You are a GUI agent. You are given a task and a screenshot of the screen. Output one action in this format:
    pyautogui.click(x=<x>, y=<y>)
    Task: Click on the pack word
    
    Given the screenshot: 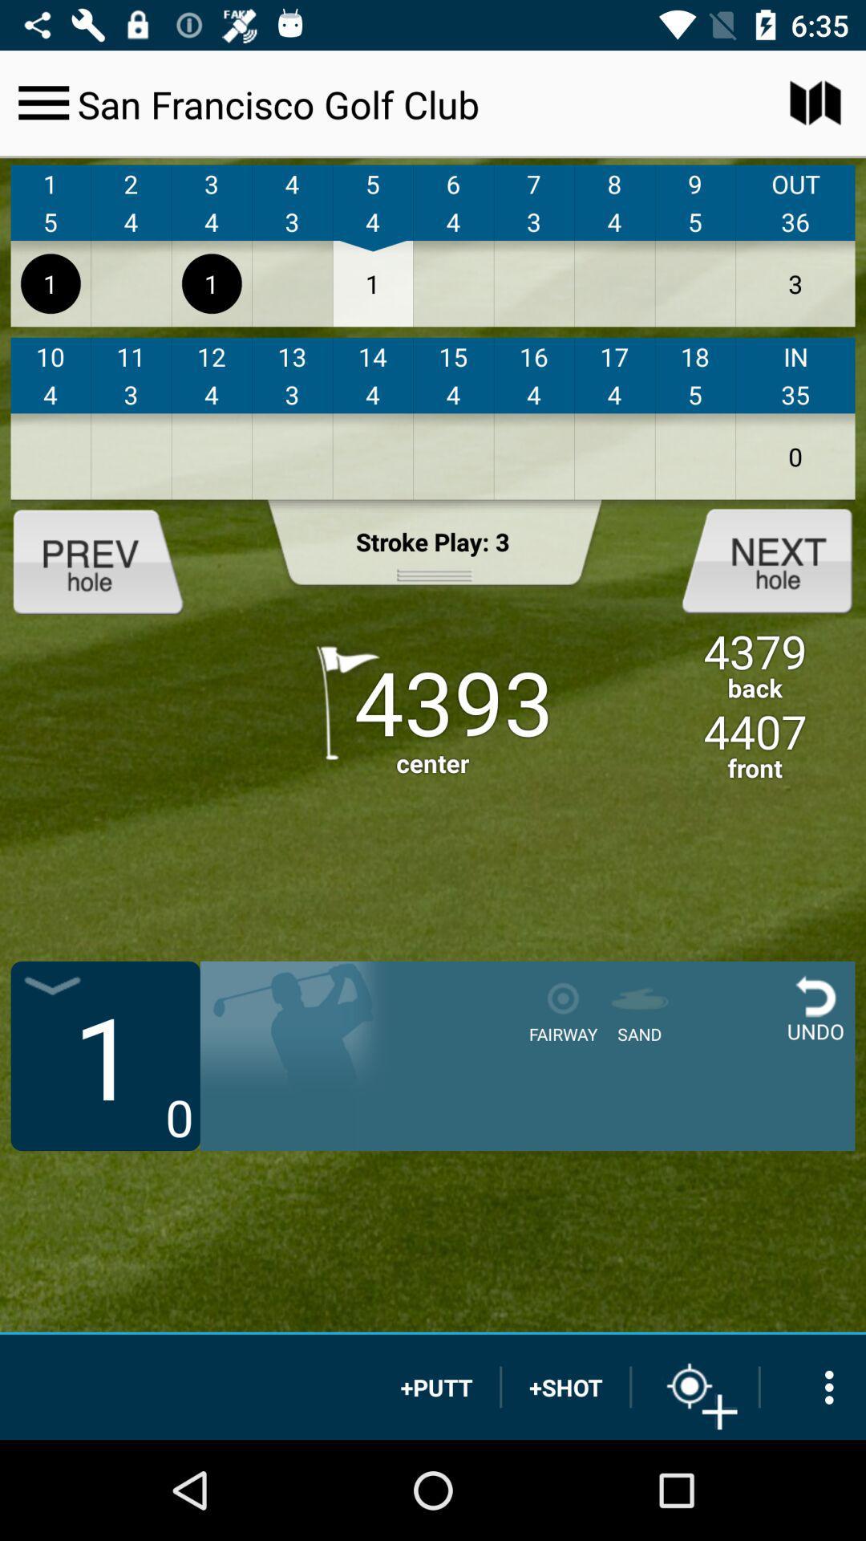 What is the action you would take?
    pyautogui.click(x=111, y=559)
    